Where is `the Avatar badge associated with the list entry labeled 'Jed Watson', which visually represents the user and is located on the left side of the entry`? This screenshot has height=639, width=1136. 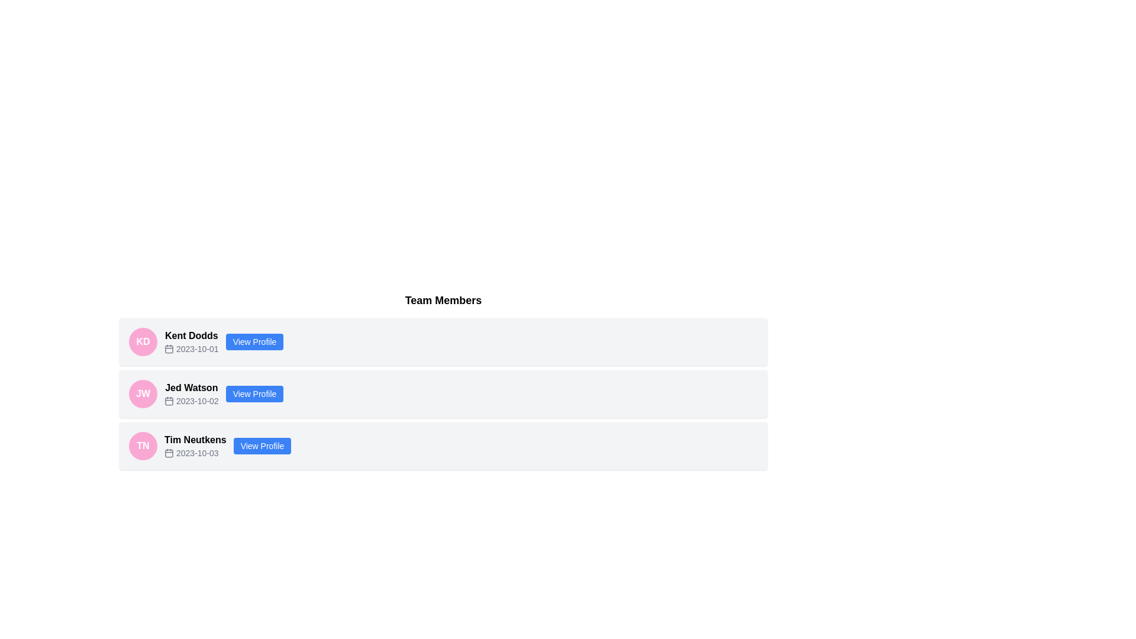 the Avatar badge associated with the list entry labeled 'Jed Watson', which visually represents the user and is located on the left side of the entry is located at coordinates (142, 394).